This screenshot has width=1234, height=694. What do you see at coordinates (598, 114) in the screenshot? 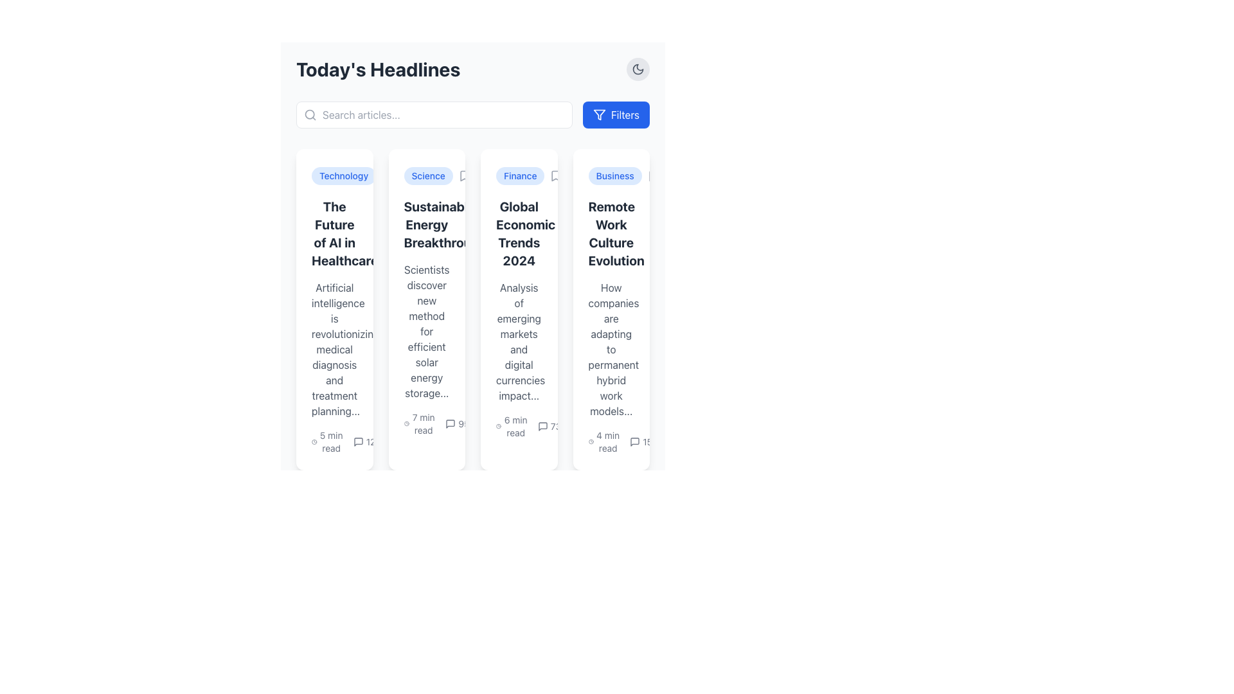
I see `the triangular filter icon located in the upper right-hand corner of the interface within the 'Filters' button` at bounding box center [598, 114].